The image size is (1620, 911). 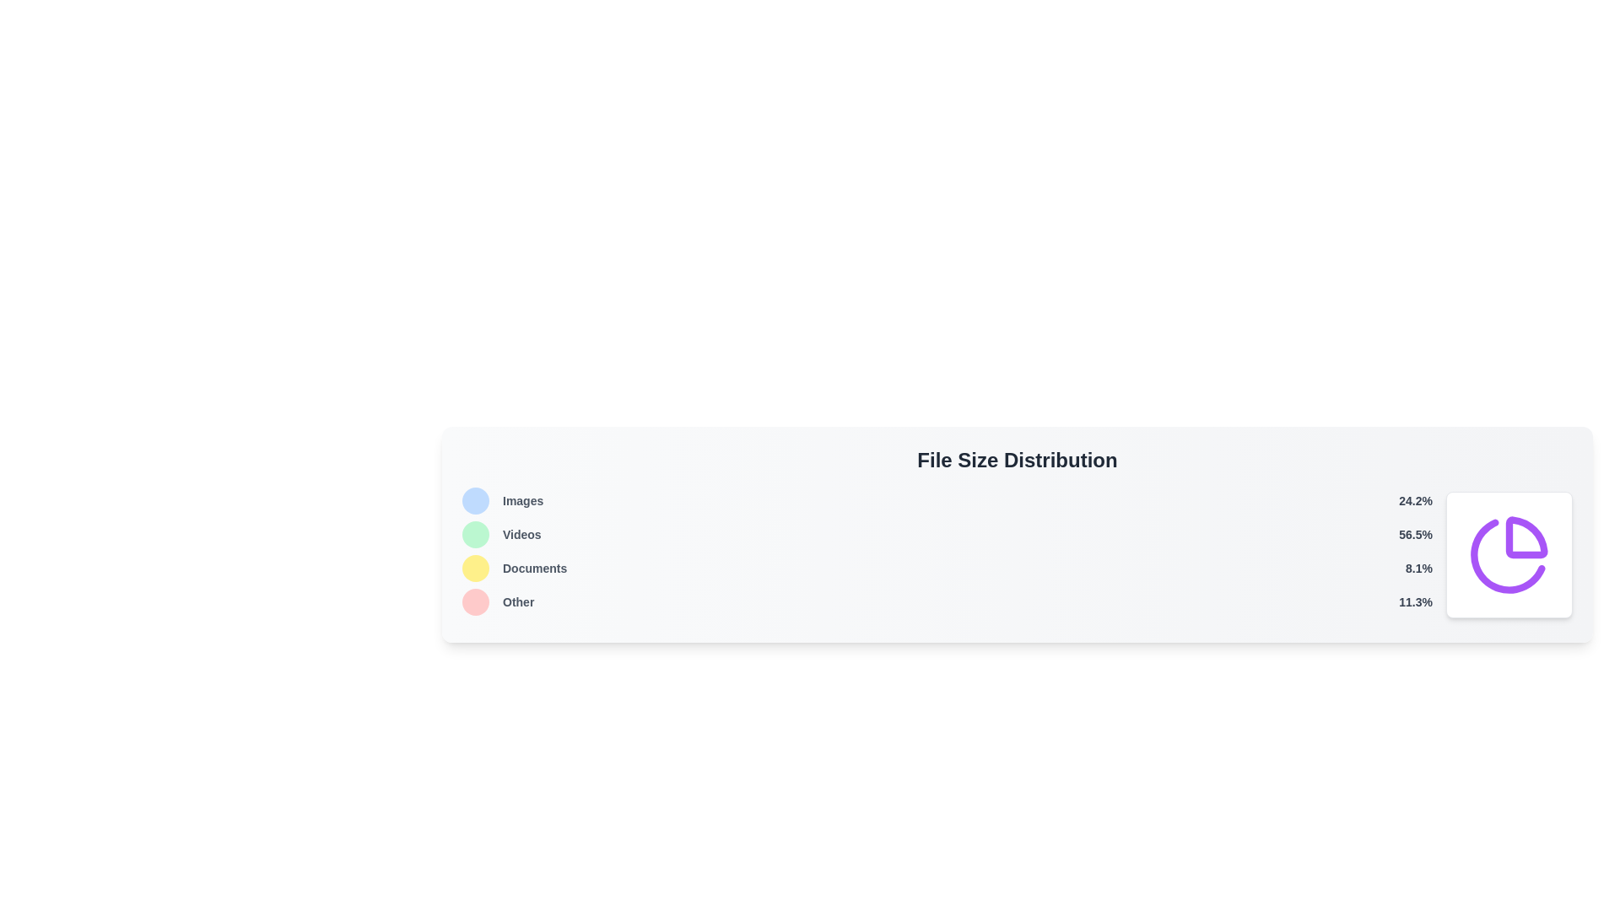 I want to click on the upper-right segment of the pie chart that visually represents a specific category in the file size distribution, so click(x=1508, y=556).